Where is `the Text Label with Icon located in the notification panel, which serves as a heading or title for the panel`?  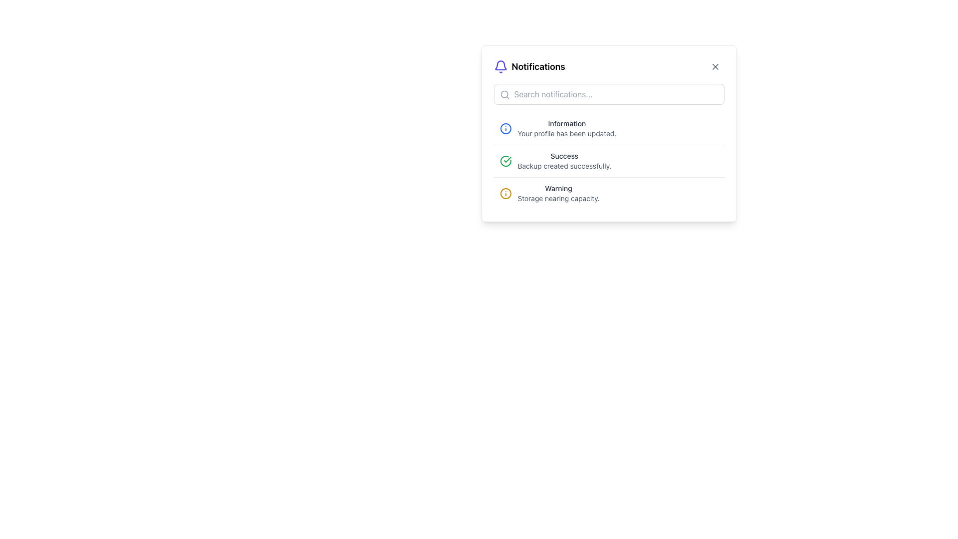 the Text Label with Icon located in the notification panel, which serves as a heading or title for the panel is located at coordinates (529, 67).